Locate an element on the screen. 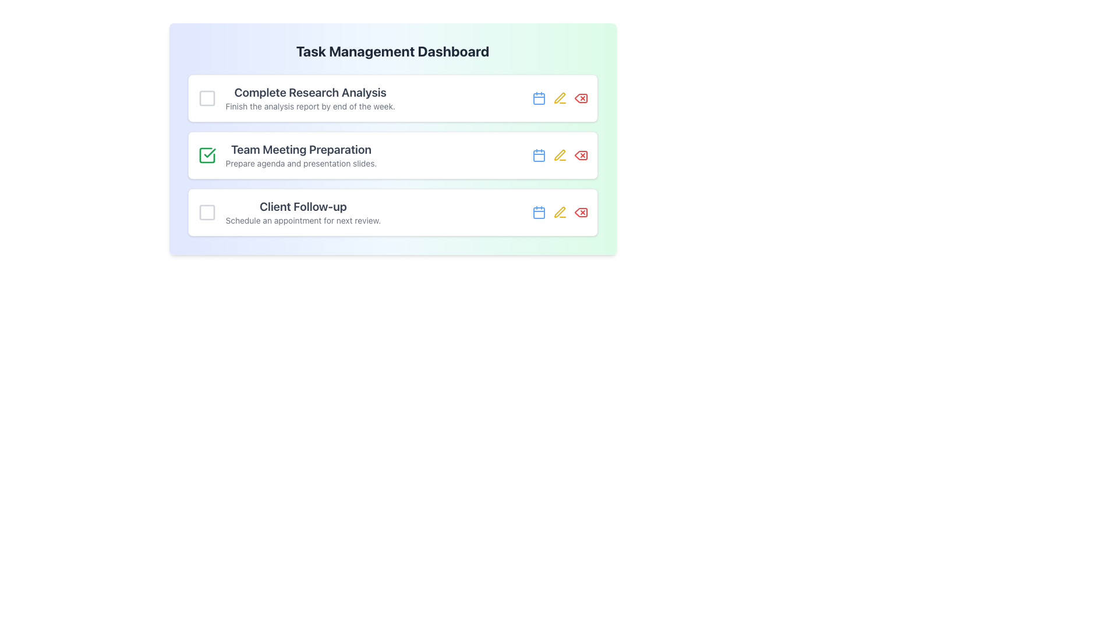  the SVG-based calendar icon located to the right of the task title 'Complete Research Analysis' is located at coordinates (538, 98).